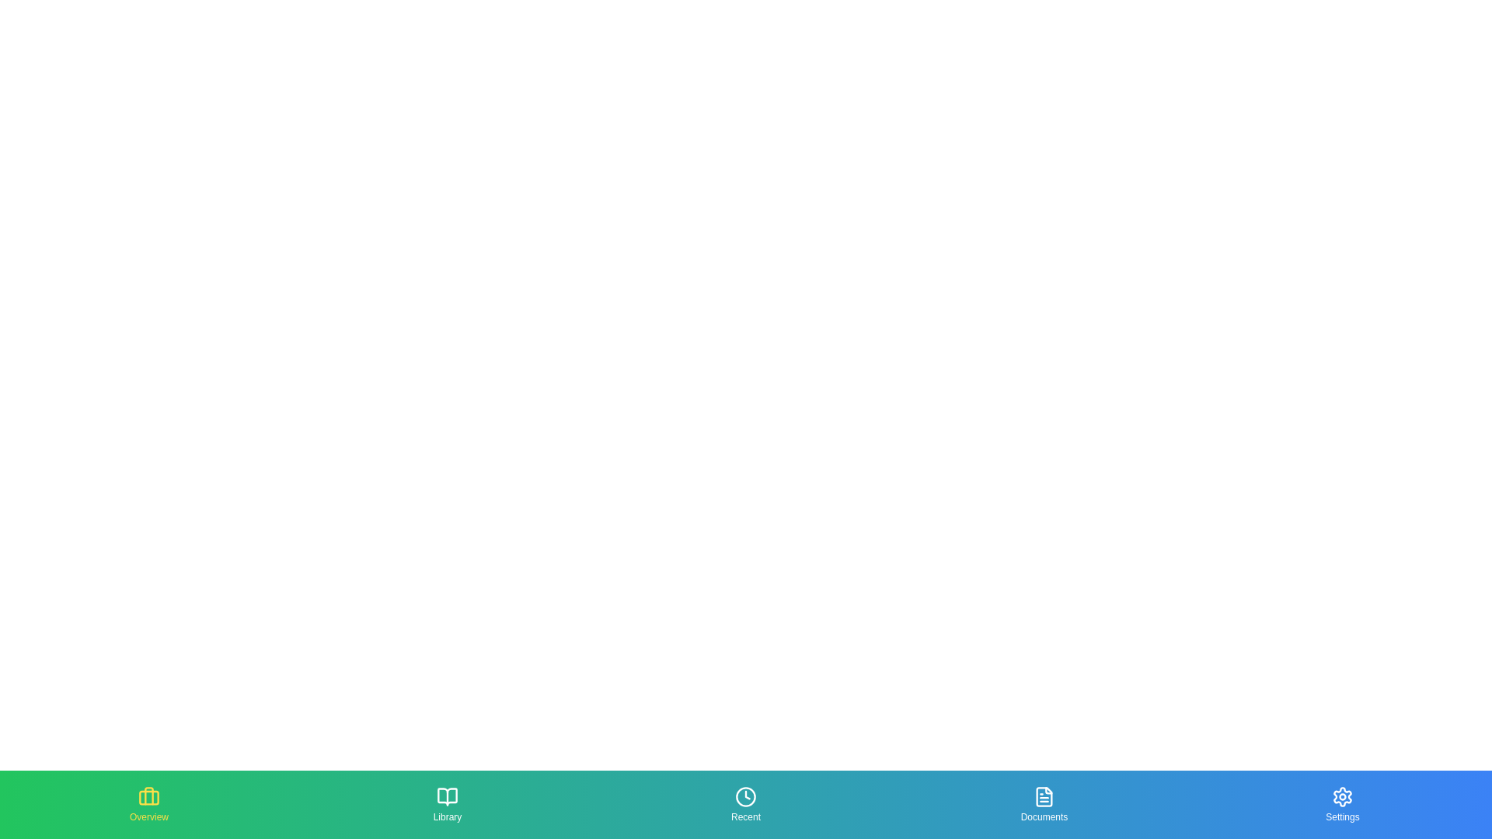  Describe the element at coordinates (149, 804) in the screenshot. I see `the button corresponding to the Overview section` at that location.